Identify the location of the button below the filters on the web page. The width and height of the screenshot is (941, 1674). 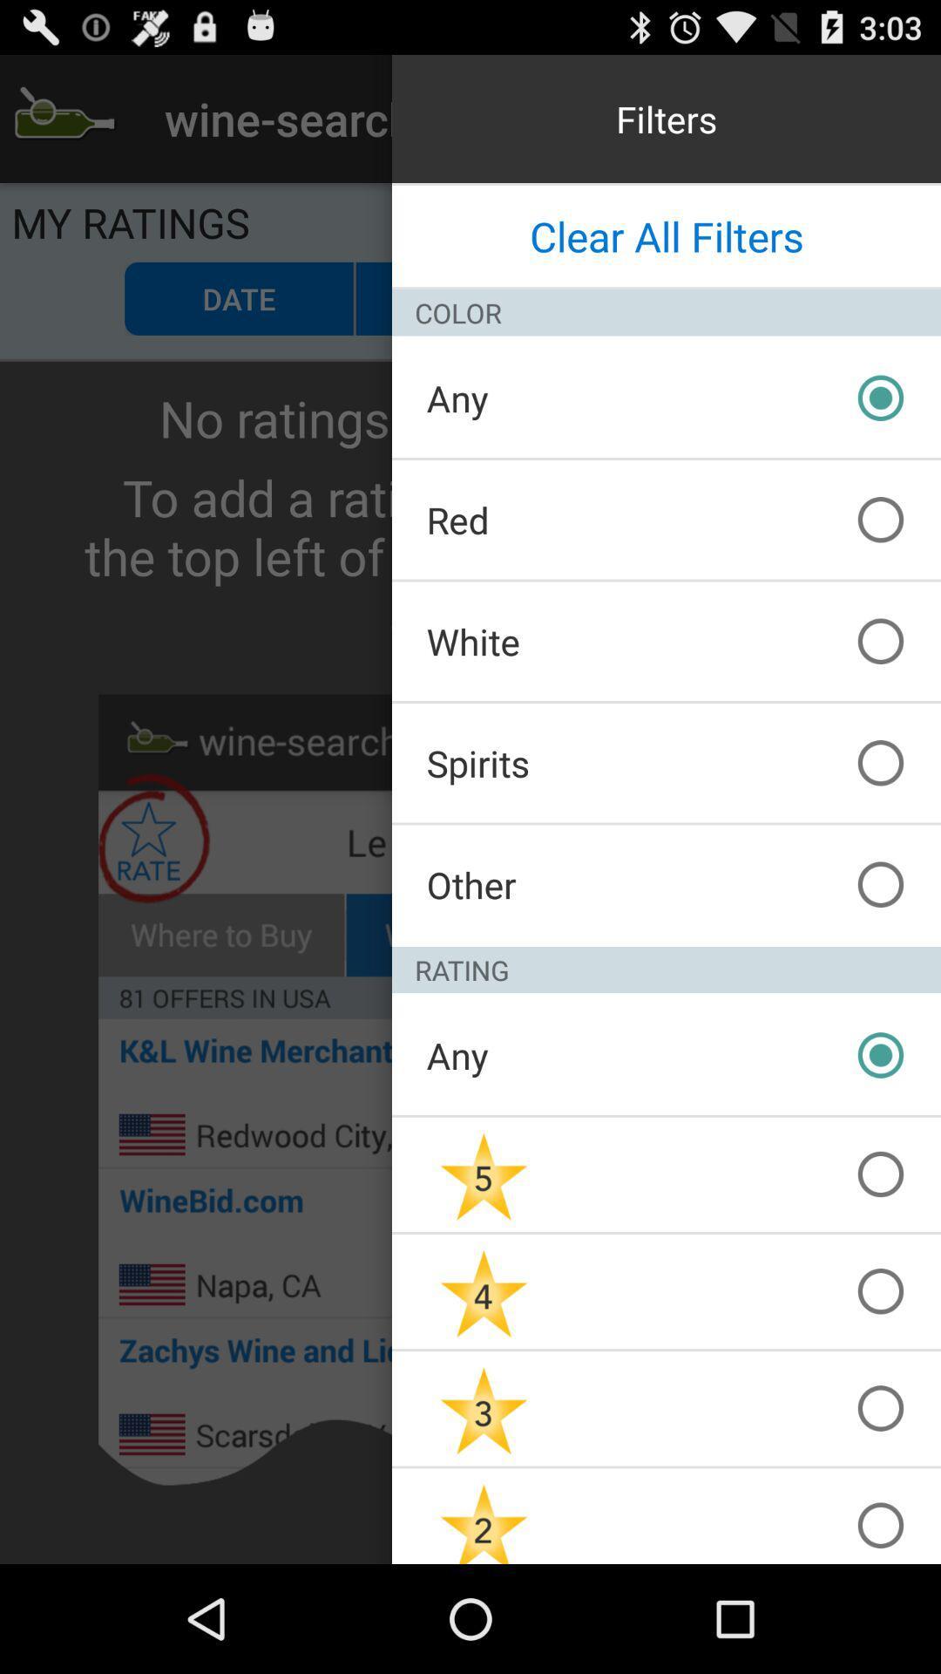
(666, 235).